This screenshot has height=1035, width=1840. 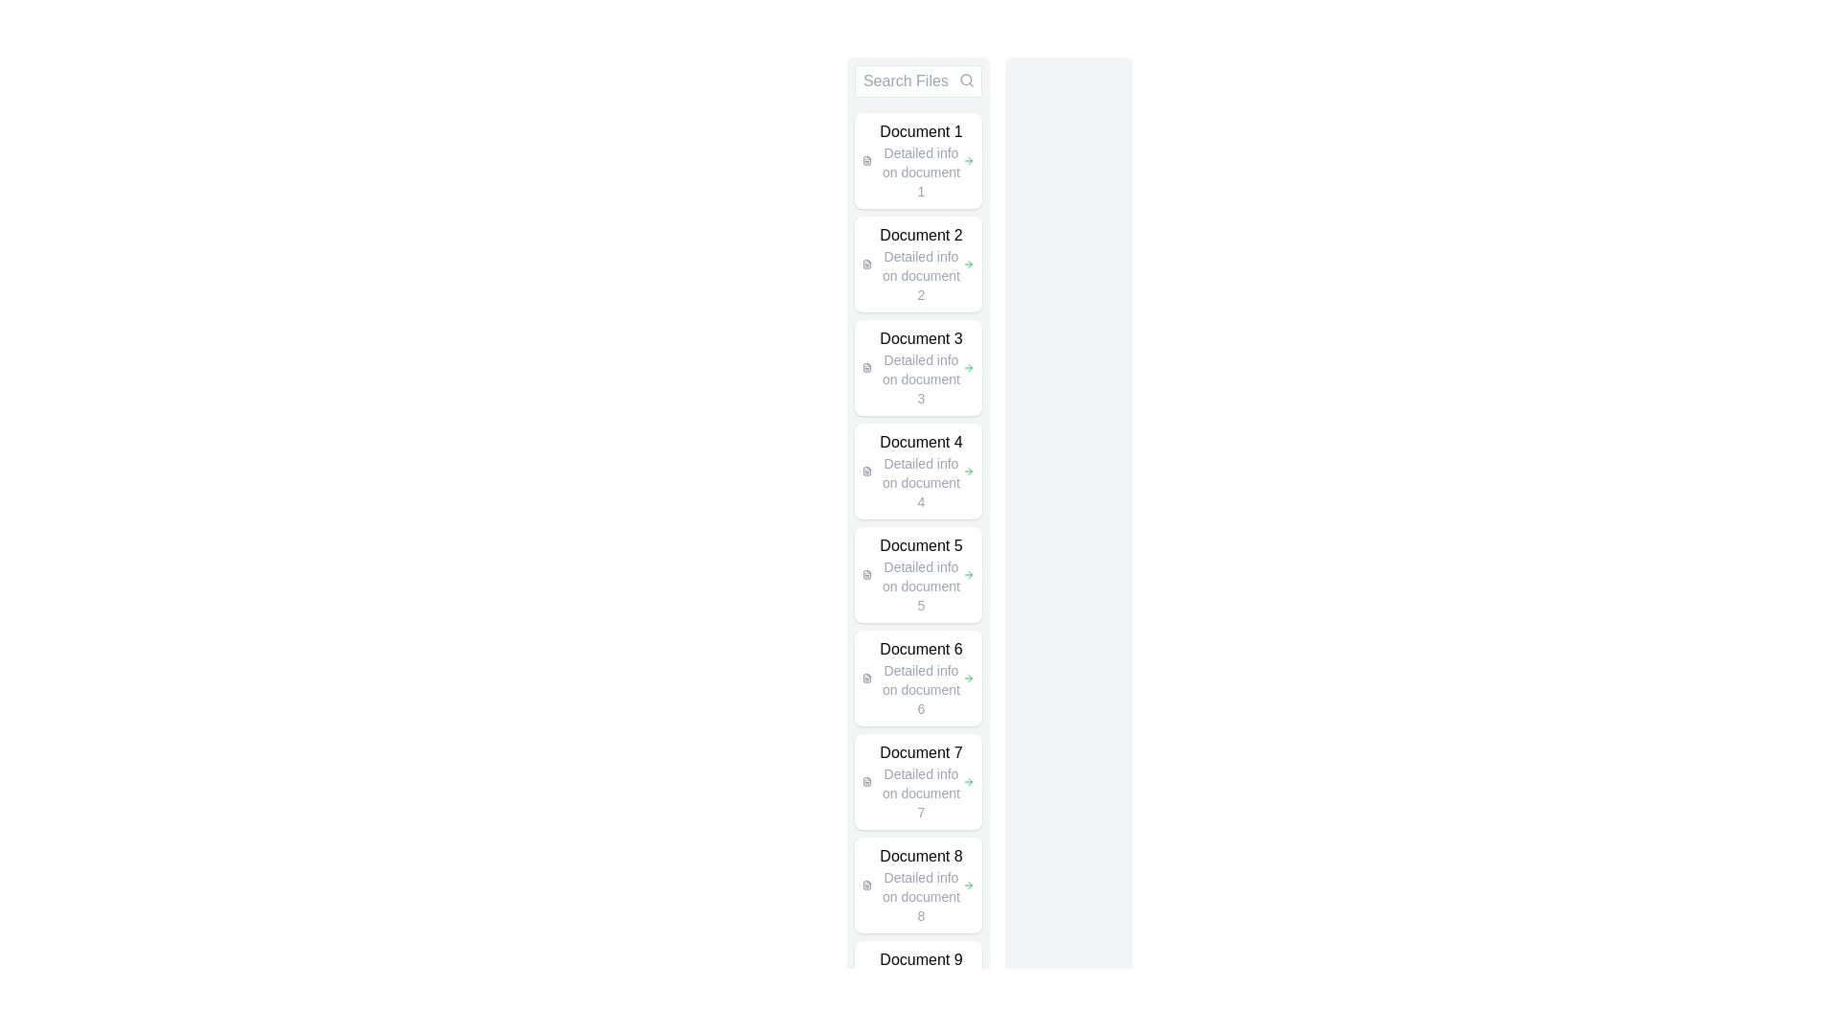 What do you see at coordinates (917, 80) in the screenshot?
I see `the search input box styled with rounded edges that contains the placeholder text 'Search Files' to focus on it` at bounding box center [917, 80].